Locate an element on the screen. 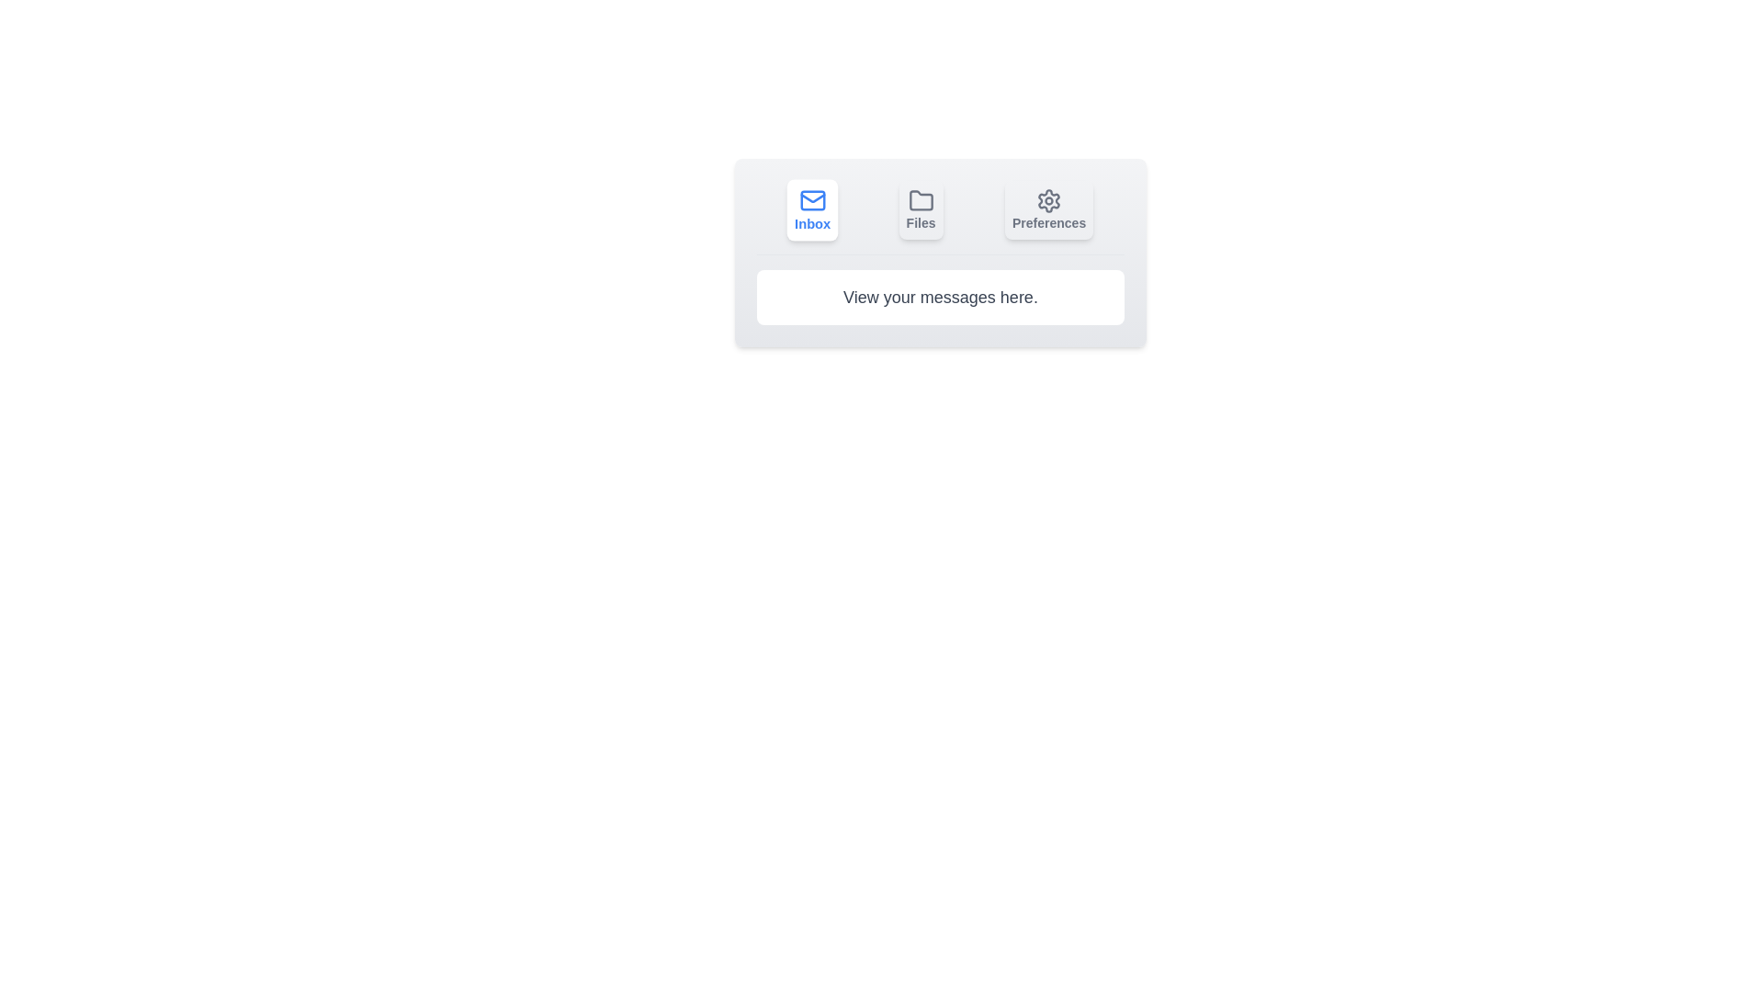 The image size is (1764, 992). the 'Preferences' button, which features a gear icon and a label beneath it is located at coordinates (1049, 209).